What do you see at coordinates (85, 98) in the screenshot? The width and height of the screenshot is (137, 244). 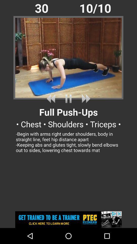 I see `fast forward button` at bounding box center [85, 98].